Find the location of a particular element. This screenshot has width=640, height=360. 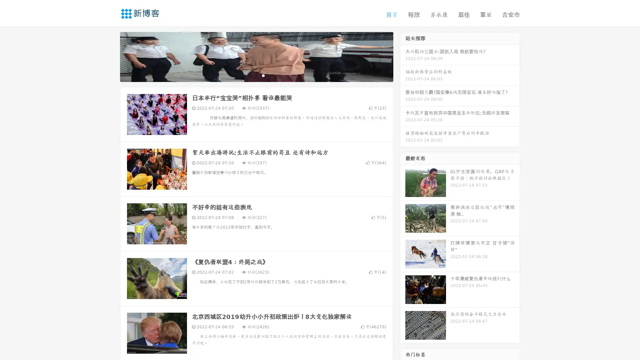

Previous slide is located at coordinates (110, 56).